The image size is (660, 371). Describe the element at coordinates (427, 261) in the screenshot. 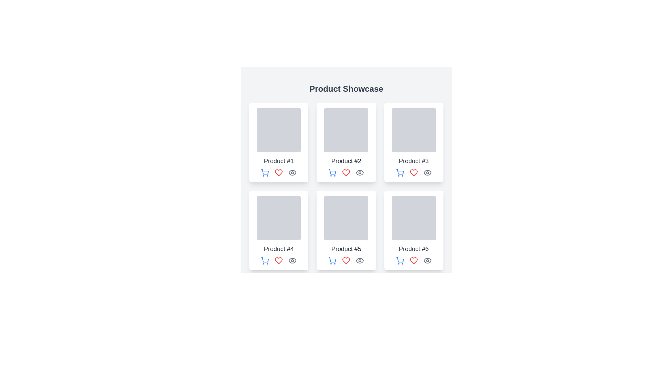

I see `the visibility icon button, which resembles an eye with a gray outline and transparent center, located in the bottom-right corner of the 'Product #6' card` at that location.